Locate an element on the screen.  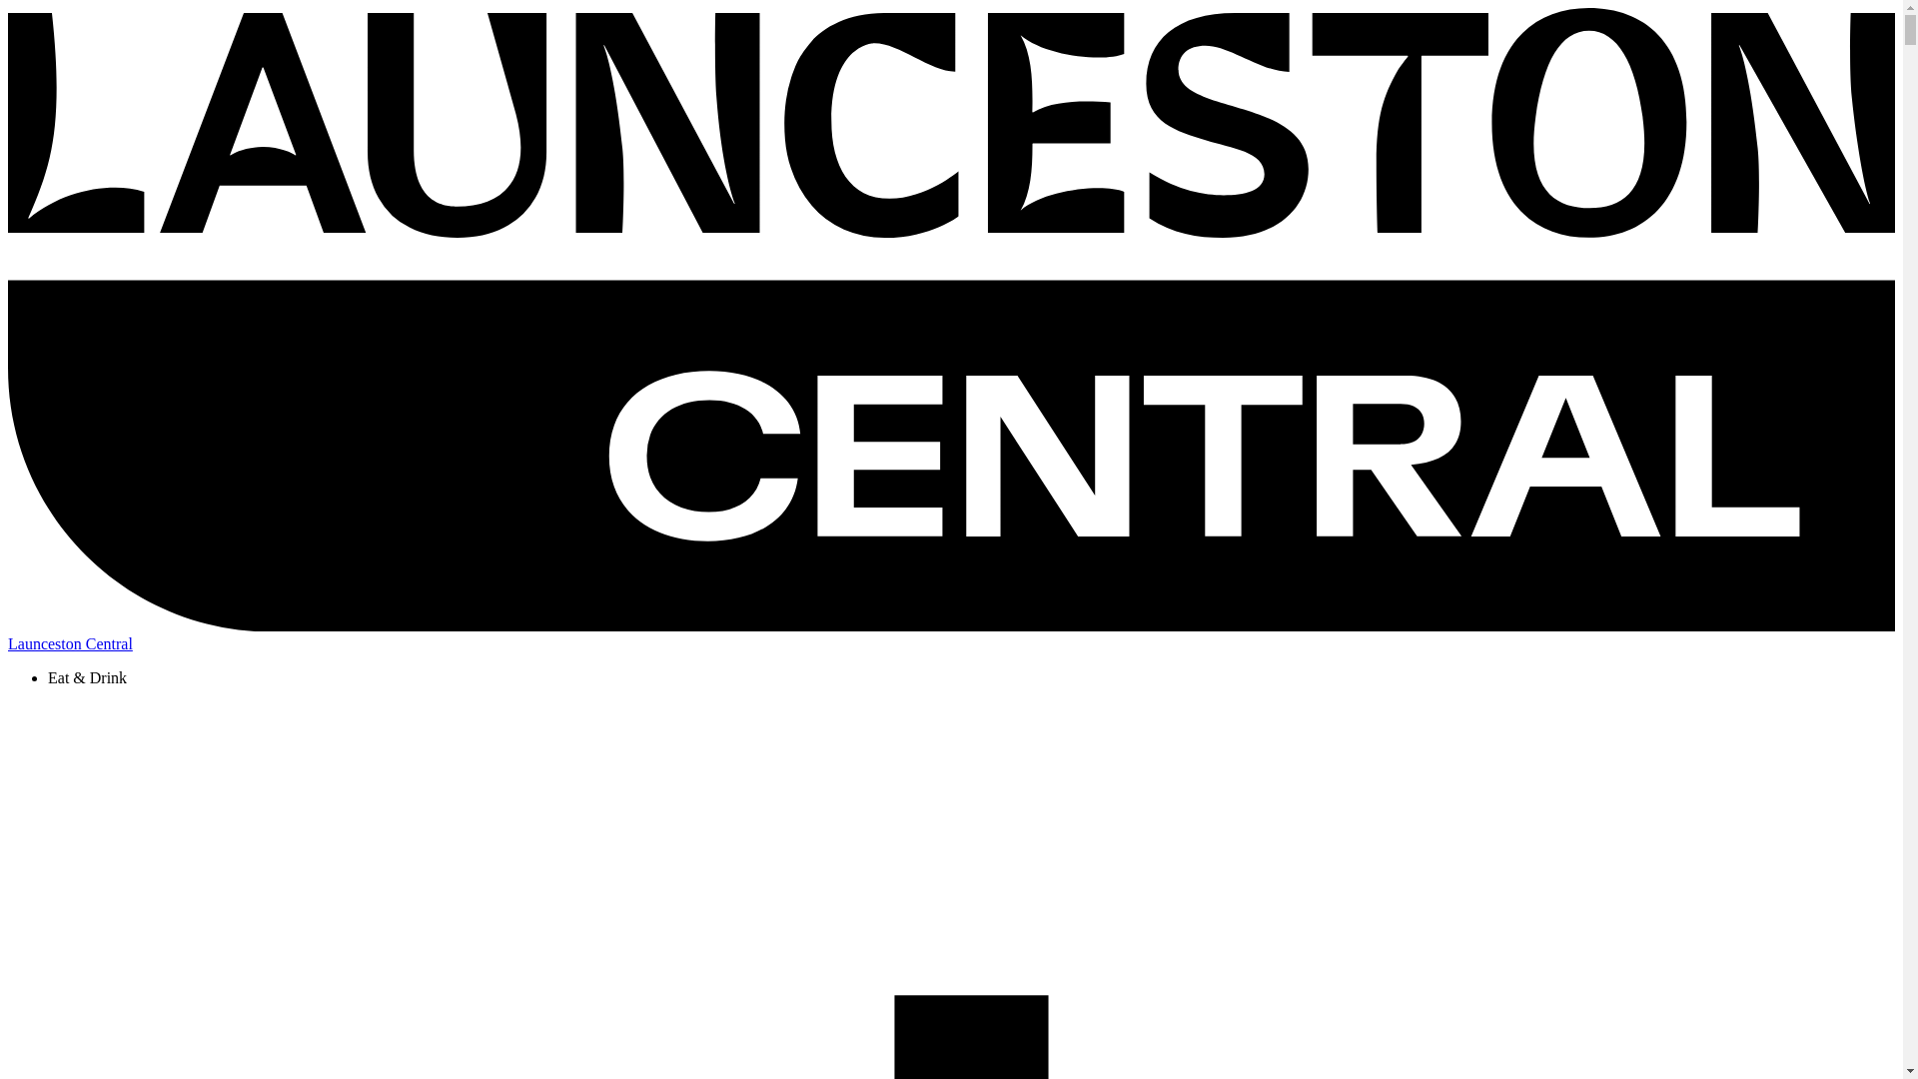
'Launceston Central' is located at coordinates (8, 634).